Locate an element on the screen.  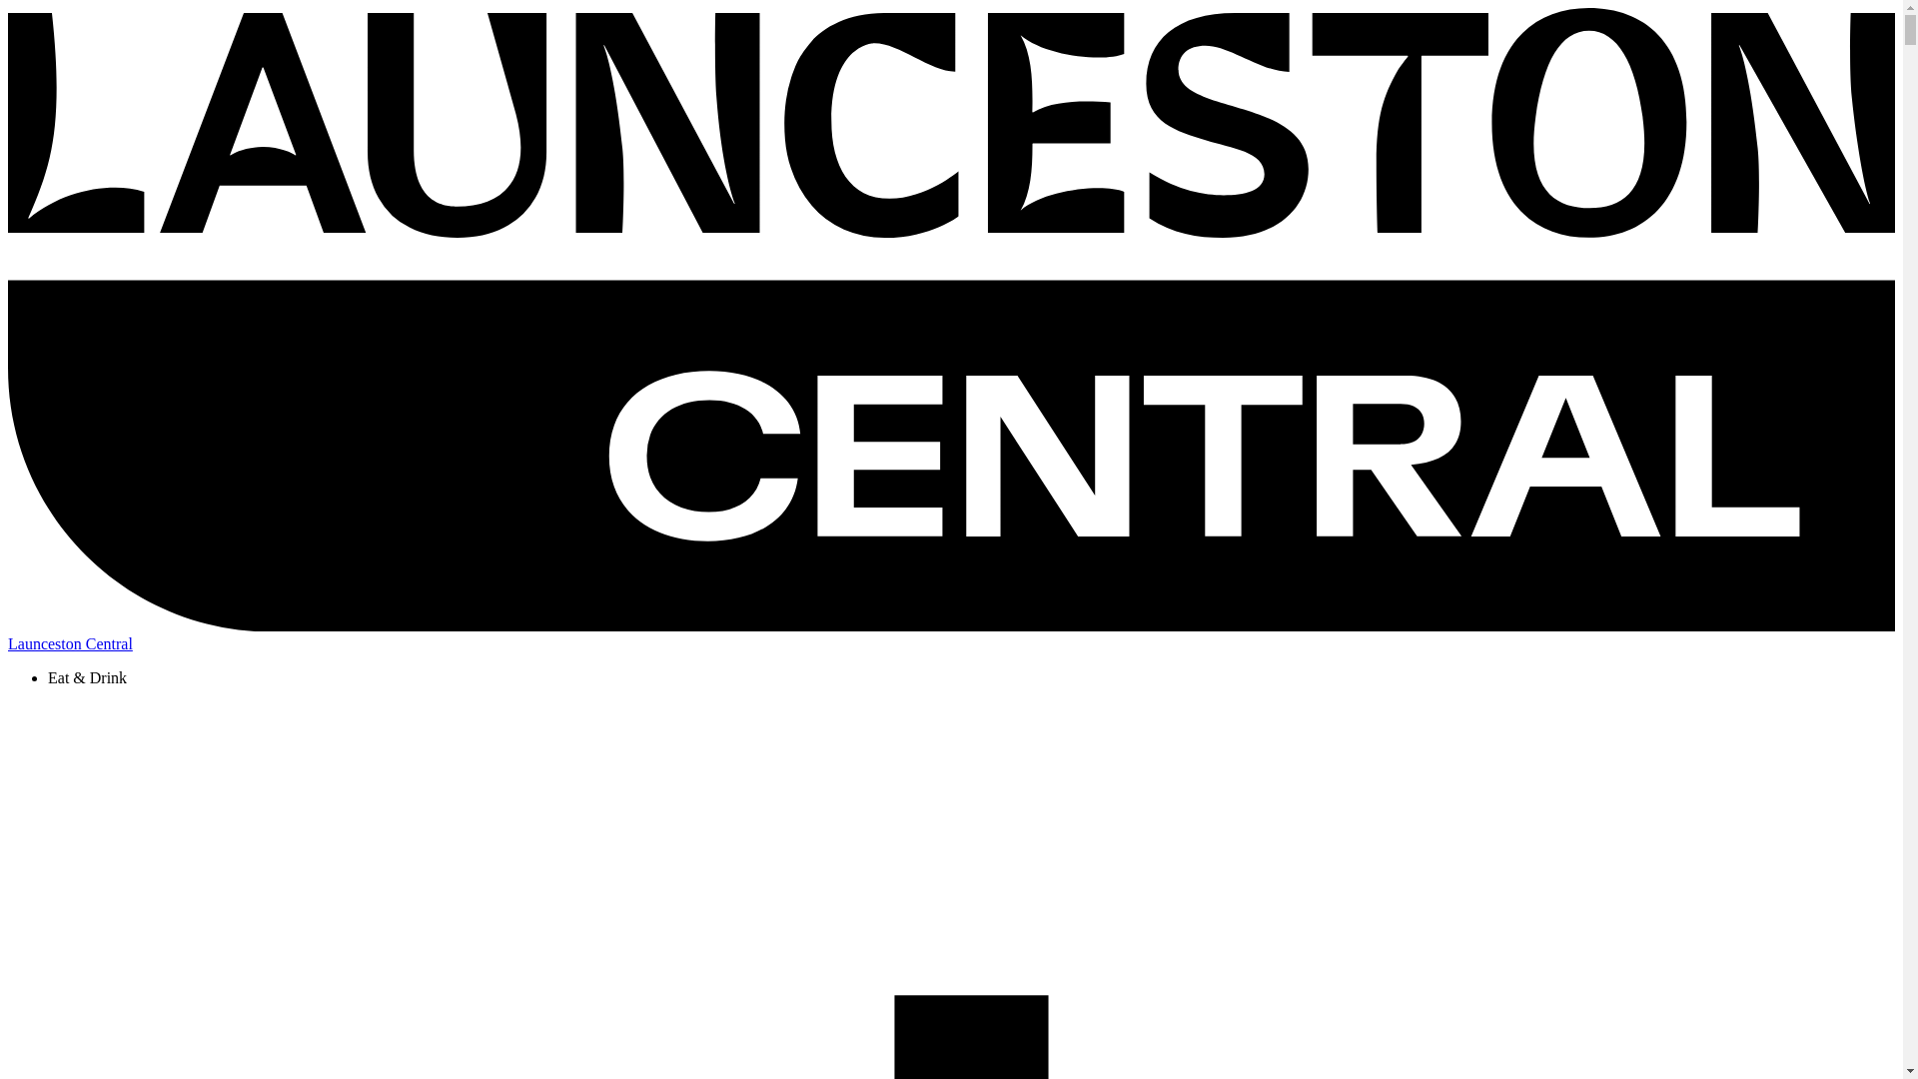
'Launceston Central' is located at coordinates (8, 634).